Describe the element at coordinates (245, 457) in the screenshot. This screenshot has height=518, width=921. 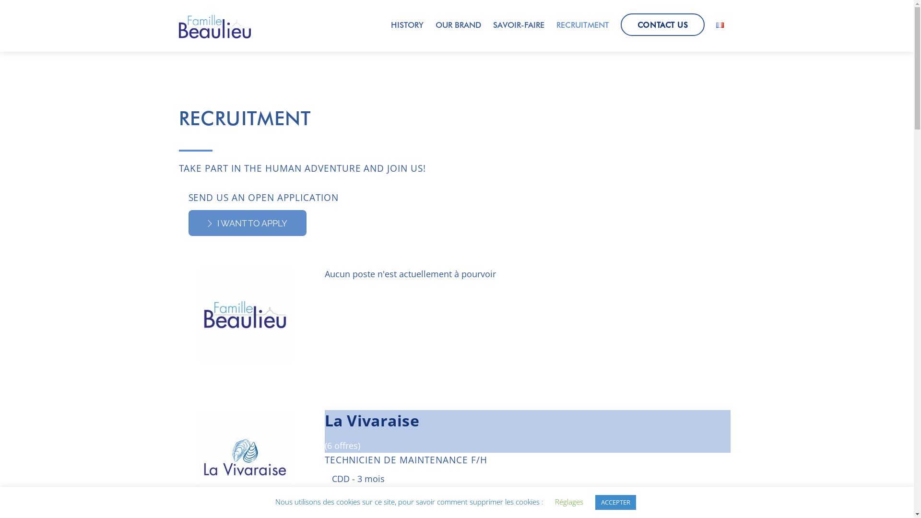
I see `'La Vivaraise'` at that location.